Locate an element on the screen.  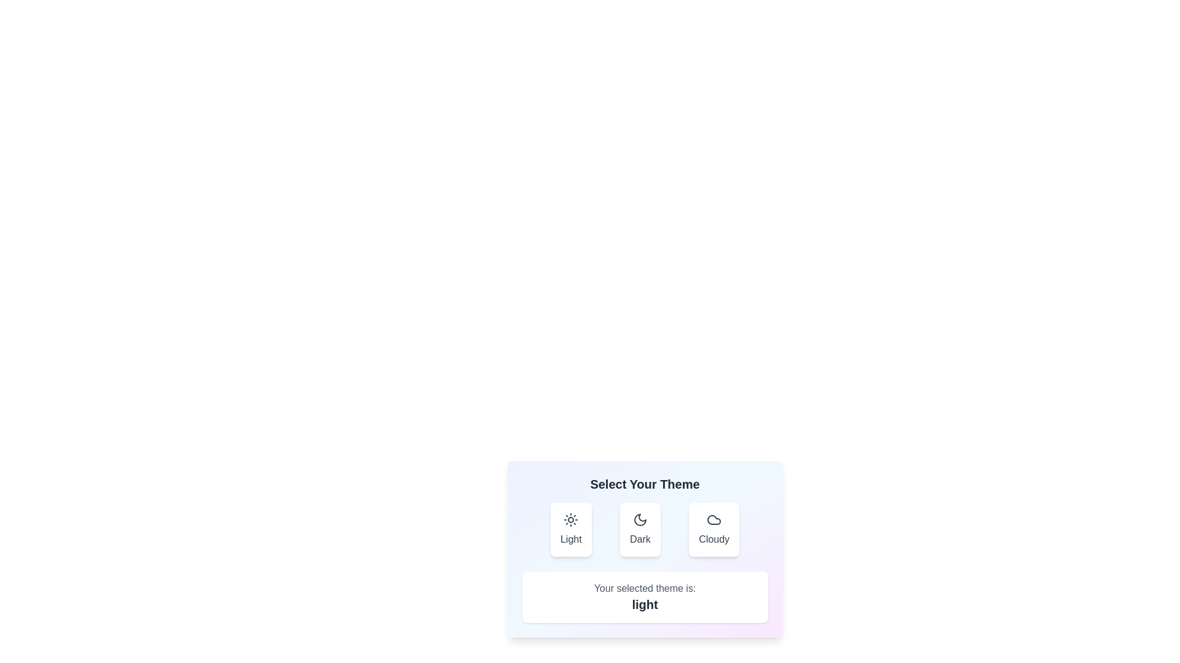
the 'Dark' theme selectable option button, which features a moon icon and is centrally located between the 'Light' and 'Cloudy' options in the 'Select Your Theme' group is located at coordinates (644, 529).